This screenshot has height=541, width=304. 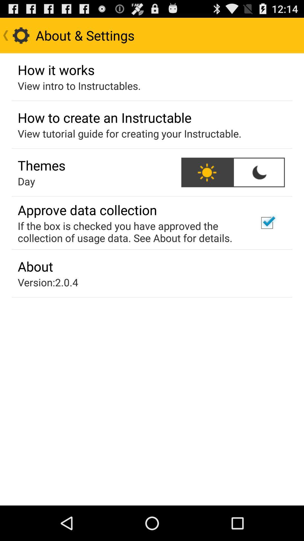 What do you see at coordinates (41, 165) in the screenshot?
I see `app below the view tutorial guide` at bounding box center [41, 165].